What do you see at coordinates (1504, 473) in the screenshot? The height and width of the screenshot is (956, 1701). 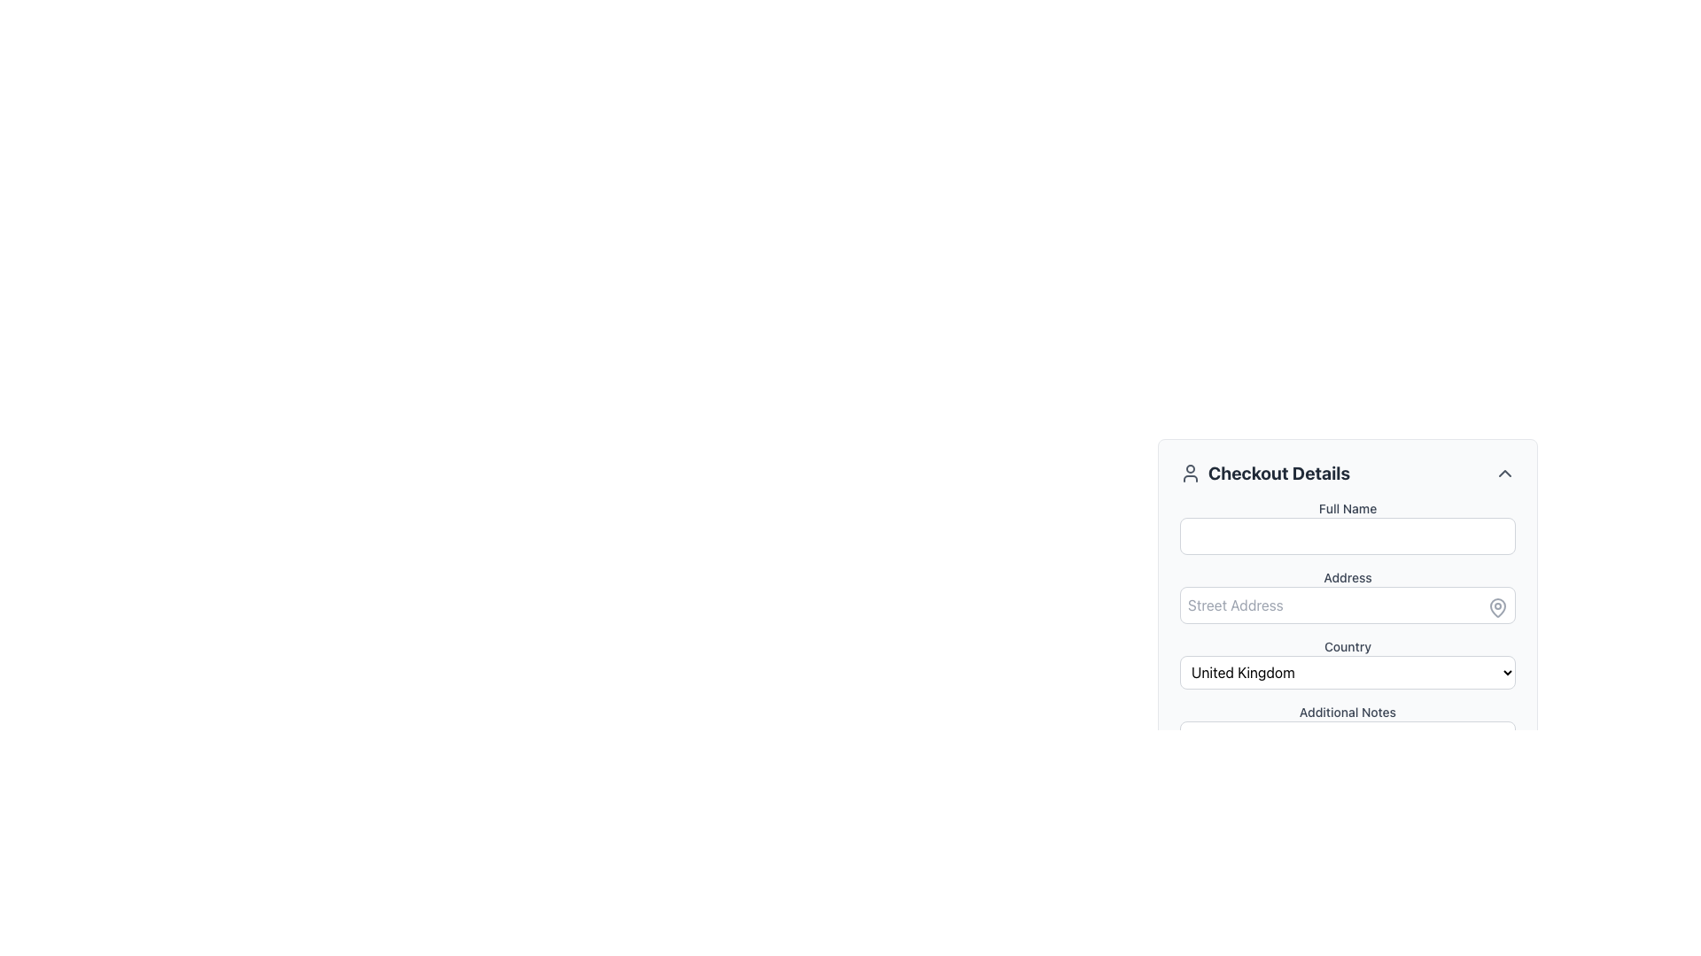 I see `the small triangular-shaped icon pointing upwards located to the far right of the 'Checkout Details' header` at bounding box center [1504, 473].